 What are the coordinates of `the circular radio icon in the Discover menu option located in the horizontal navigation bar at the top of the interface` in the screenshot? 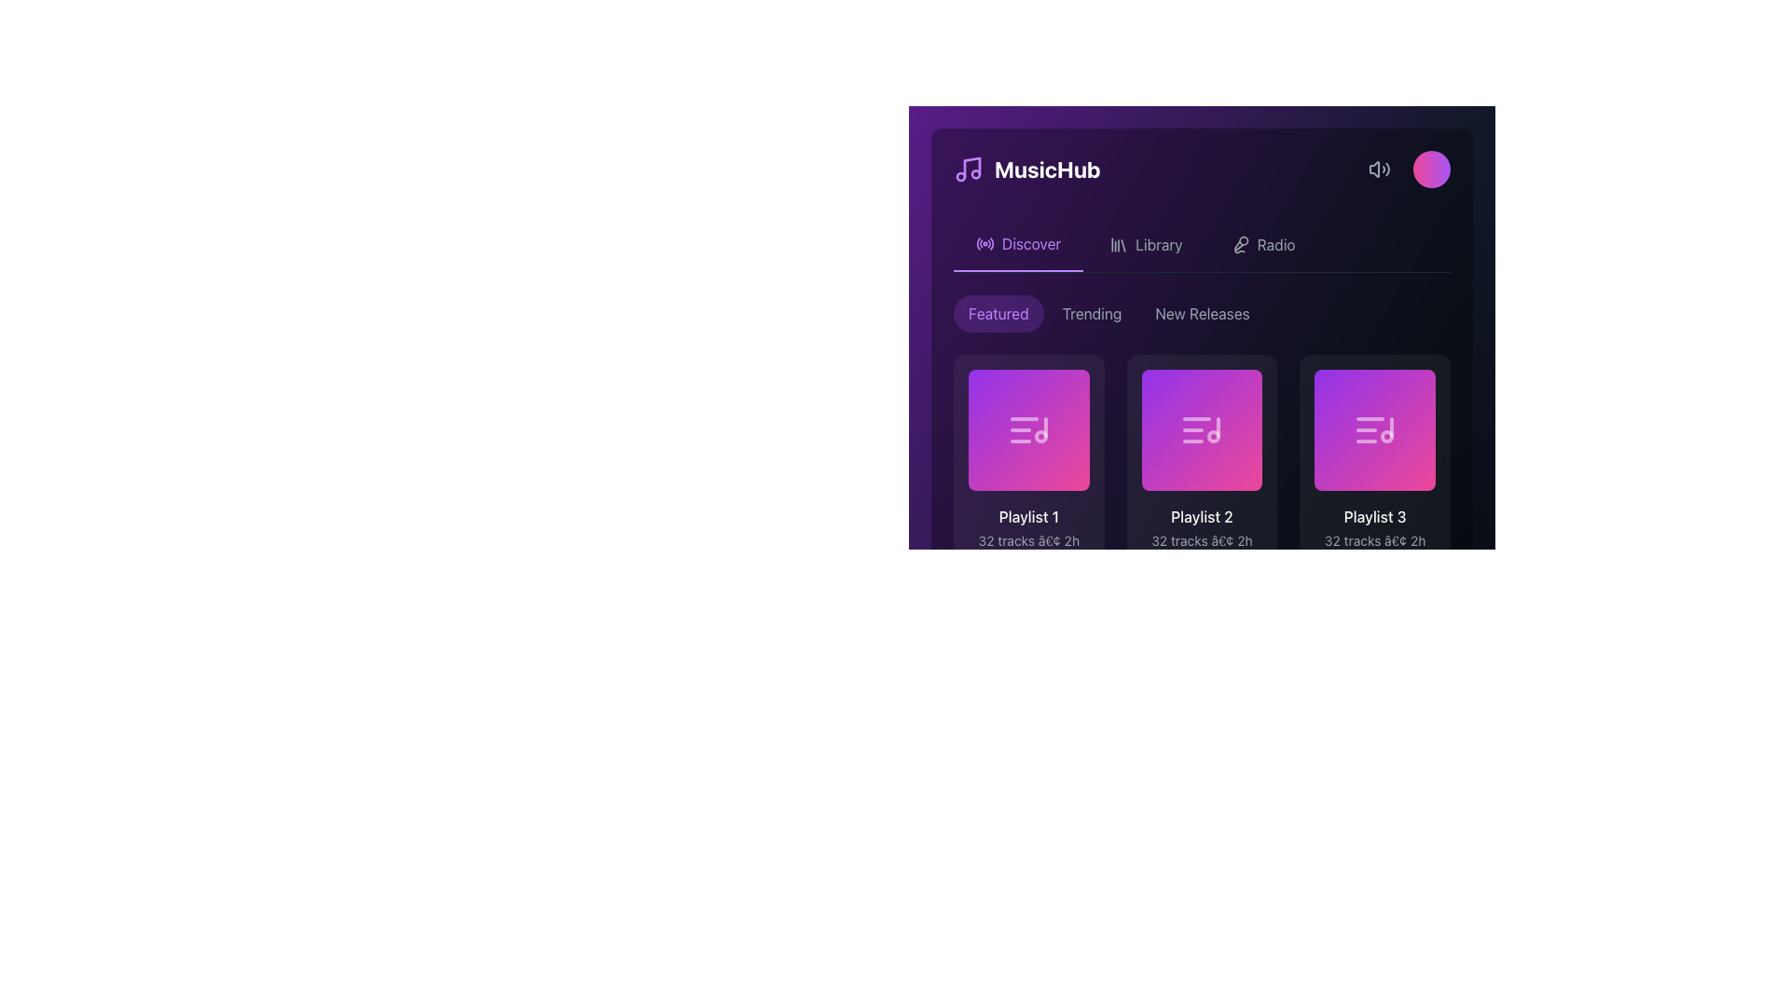 It's located at (984, 243).